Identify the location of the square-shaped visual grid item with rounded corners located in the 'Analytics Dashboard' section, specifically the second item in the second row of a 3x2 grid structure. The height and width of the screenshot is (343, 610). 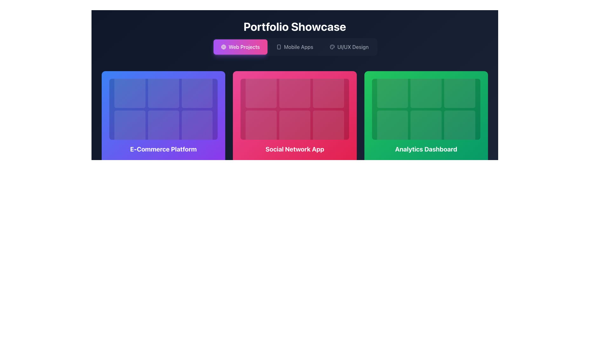
(426, 126).